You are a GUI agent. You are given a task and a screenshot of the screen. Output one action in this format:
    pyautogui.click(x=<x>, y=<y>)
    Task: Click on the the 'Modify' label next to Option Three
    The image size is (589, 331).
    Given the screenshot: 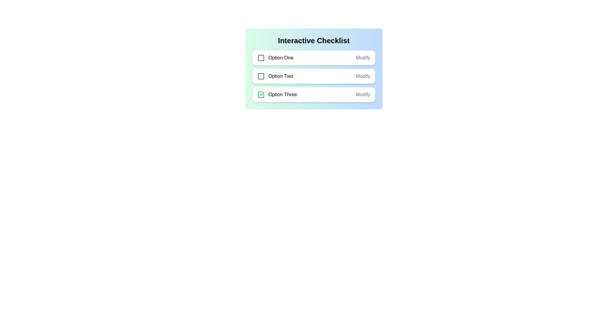 What is the action you would take?
    pyautogui.click(x=363, y=94)
    